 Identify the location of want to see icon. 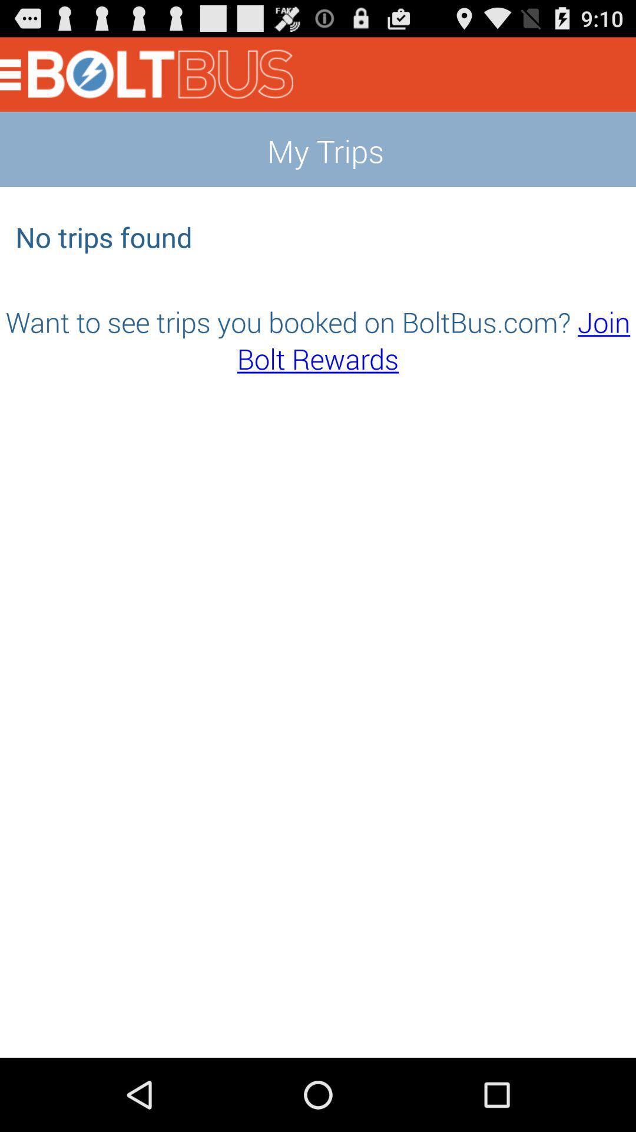
(318, 339).